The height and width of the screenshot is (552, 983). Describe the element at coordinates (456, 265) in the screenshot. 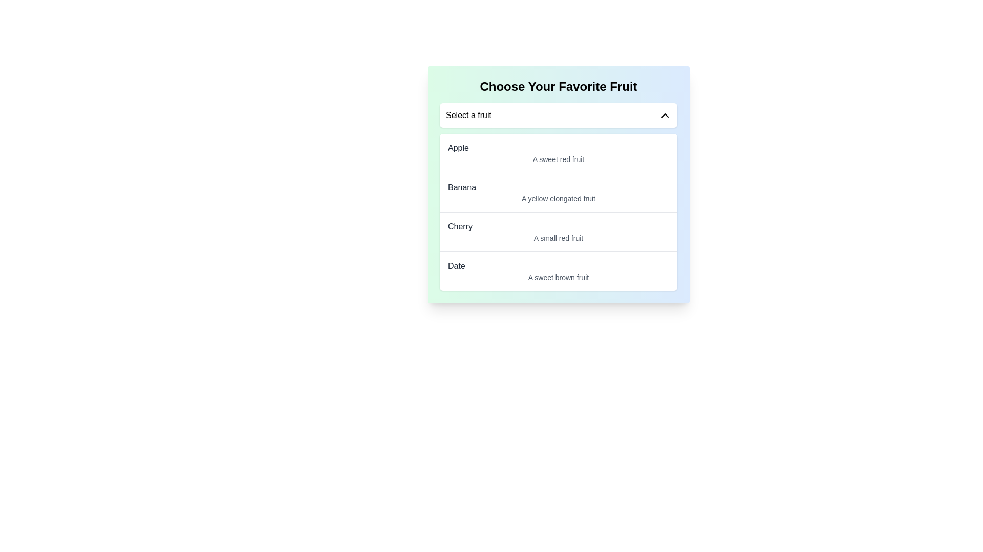

I see `the text label that identifies the fruit 'Date' in the dropdown menu, which is located in the bottom row under 'Cherry'` at that location.